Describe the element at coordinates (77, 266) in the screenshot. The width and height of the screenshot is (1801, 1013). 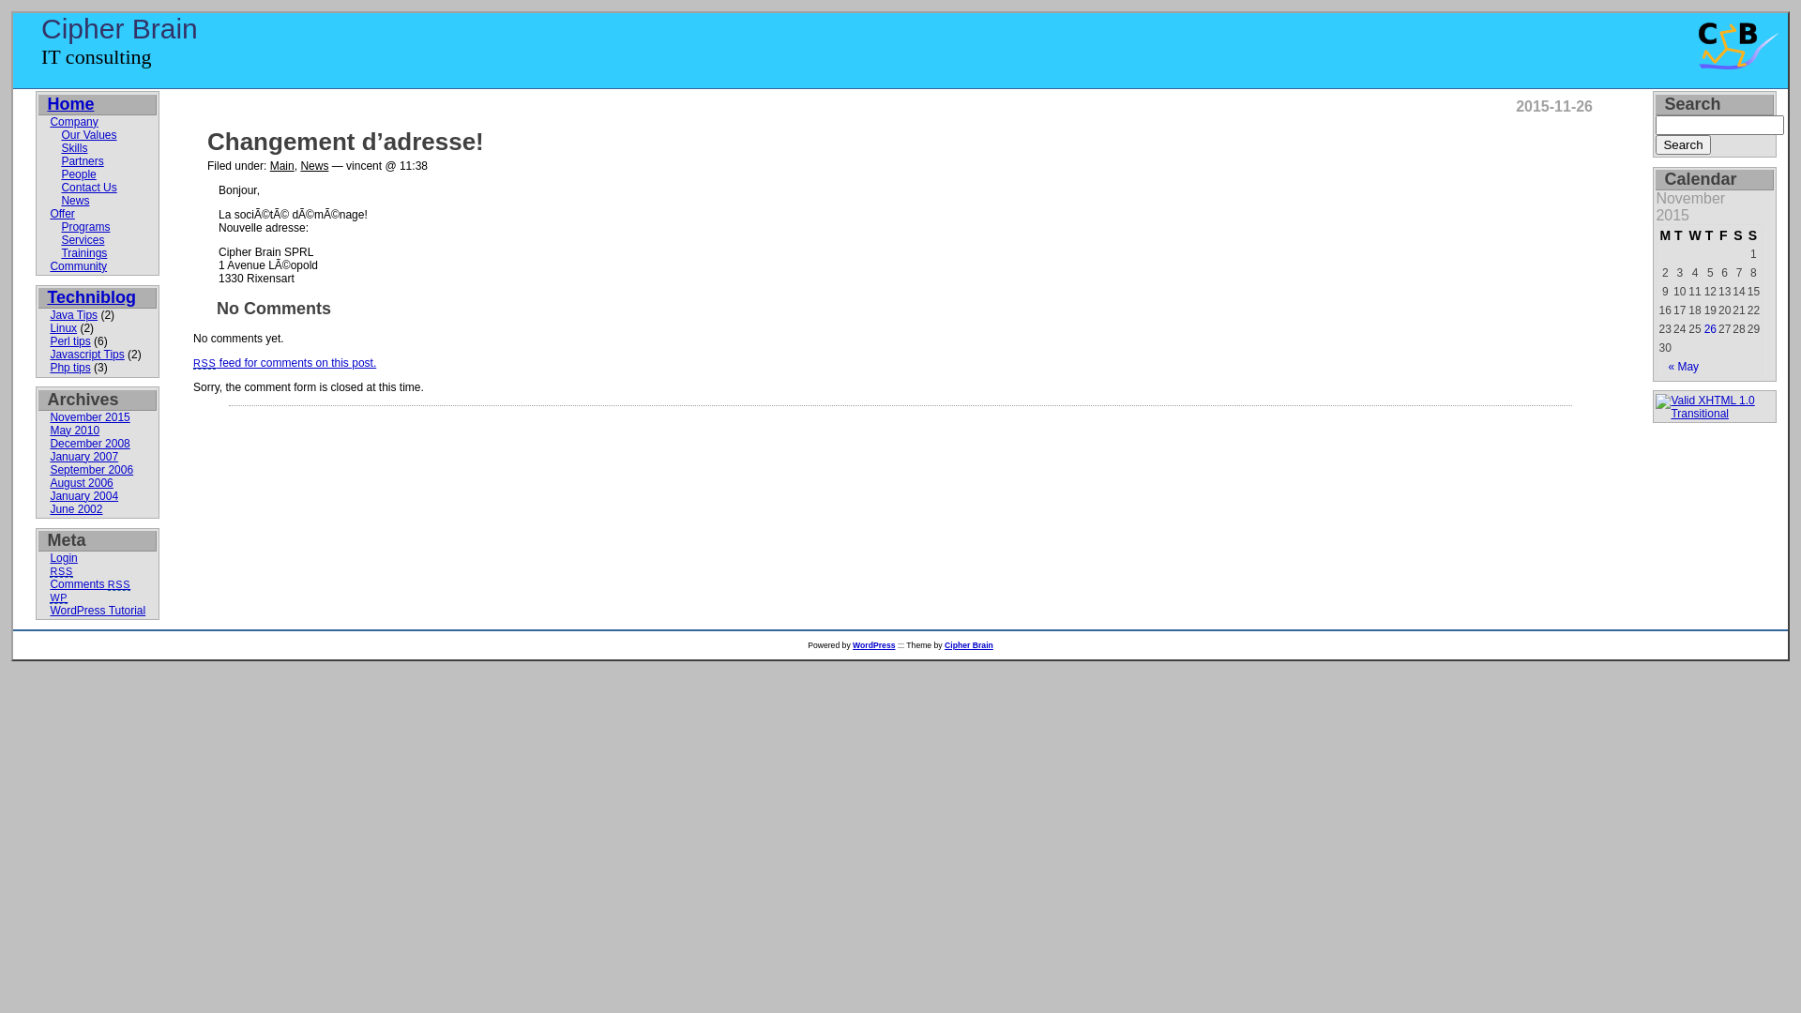
I see `'Community'` at that location.